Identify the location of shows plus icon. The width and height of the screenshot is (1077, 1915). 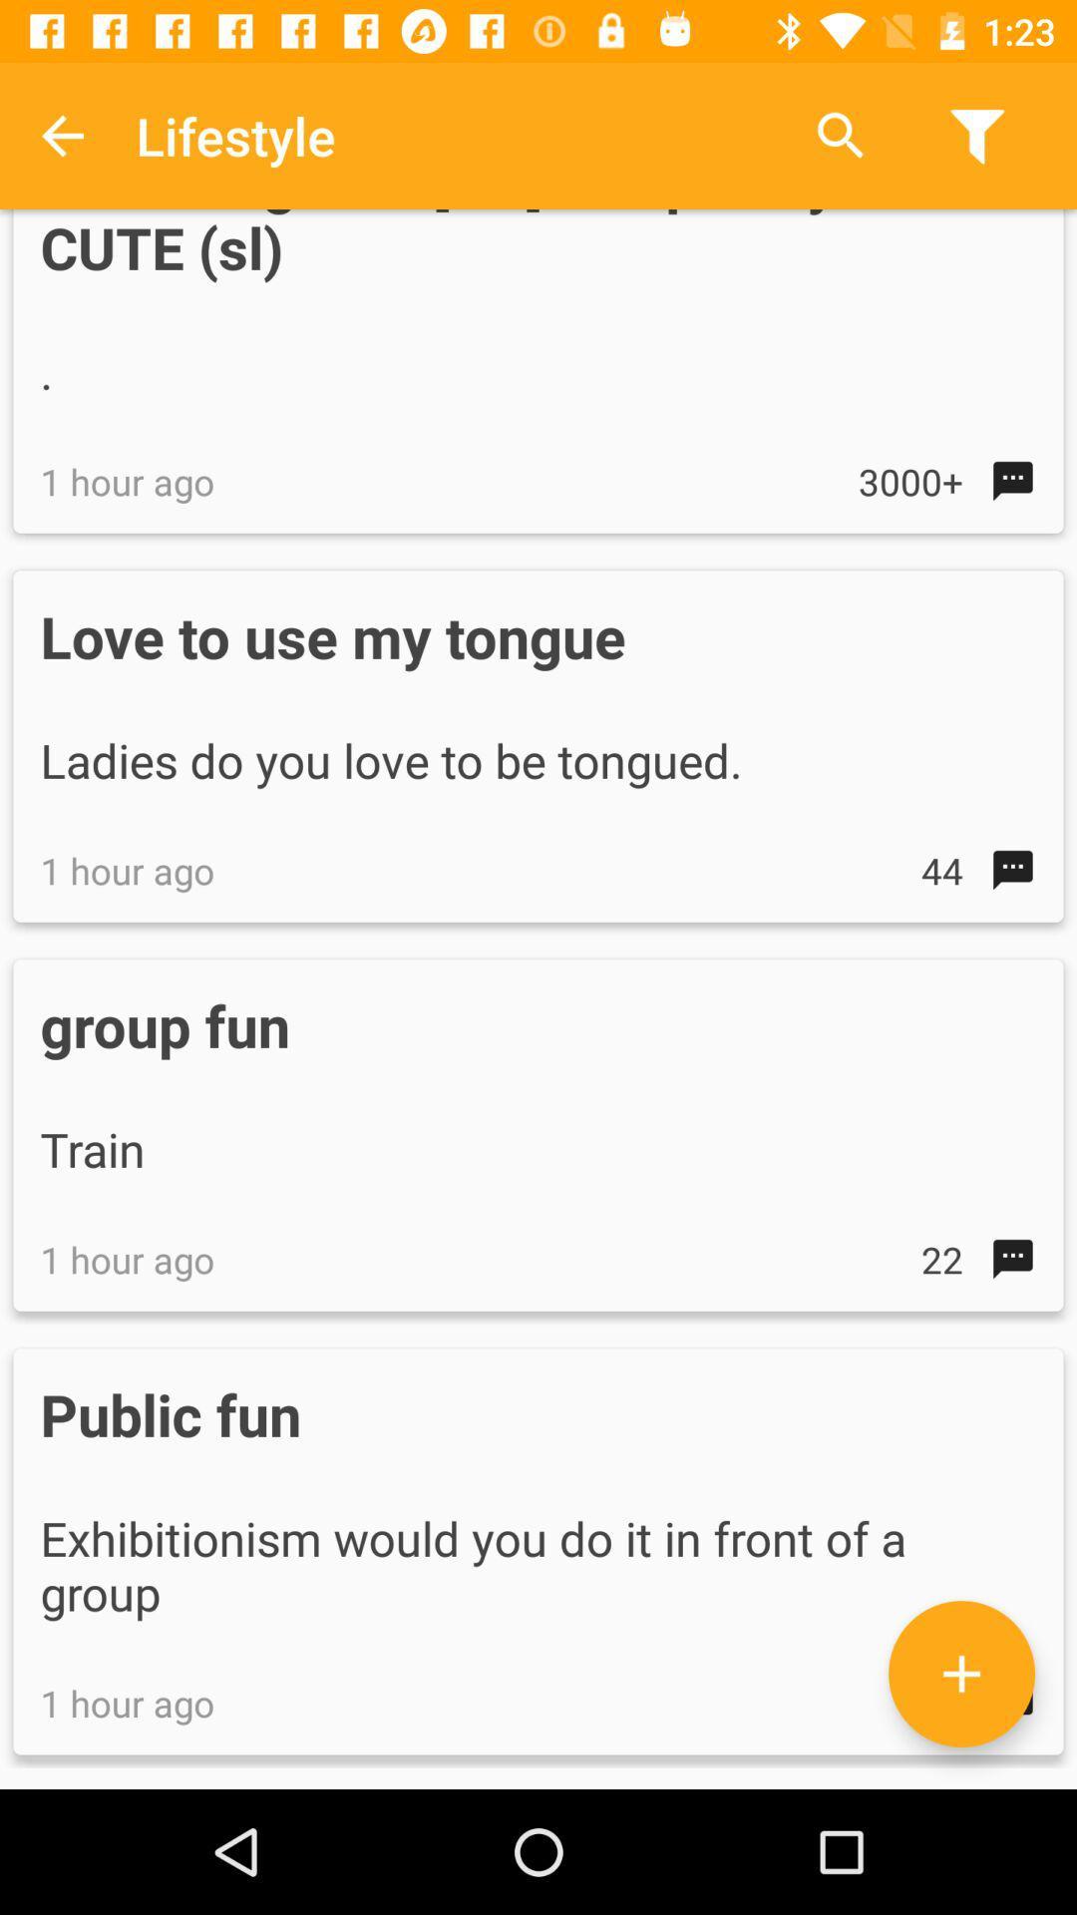
(960, 1674).